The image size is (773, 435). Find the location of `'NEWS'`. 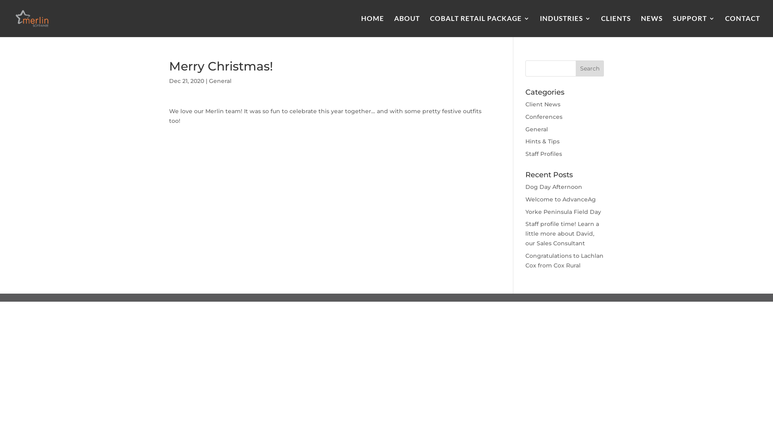

'NEWS' is located at coordinates (641, 26).